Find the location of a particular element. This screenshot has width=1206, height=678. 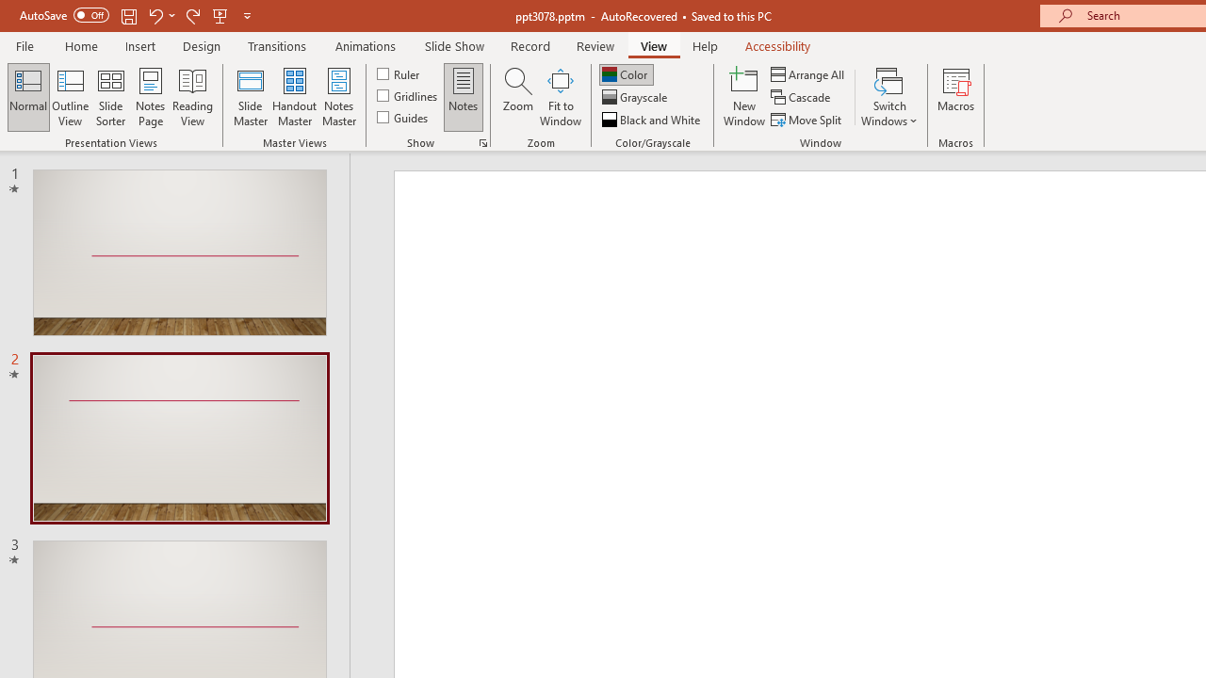

'Zoom...' is located at coordinates (517, 97).